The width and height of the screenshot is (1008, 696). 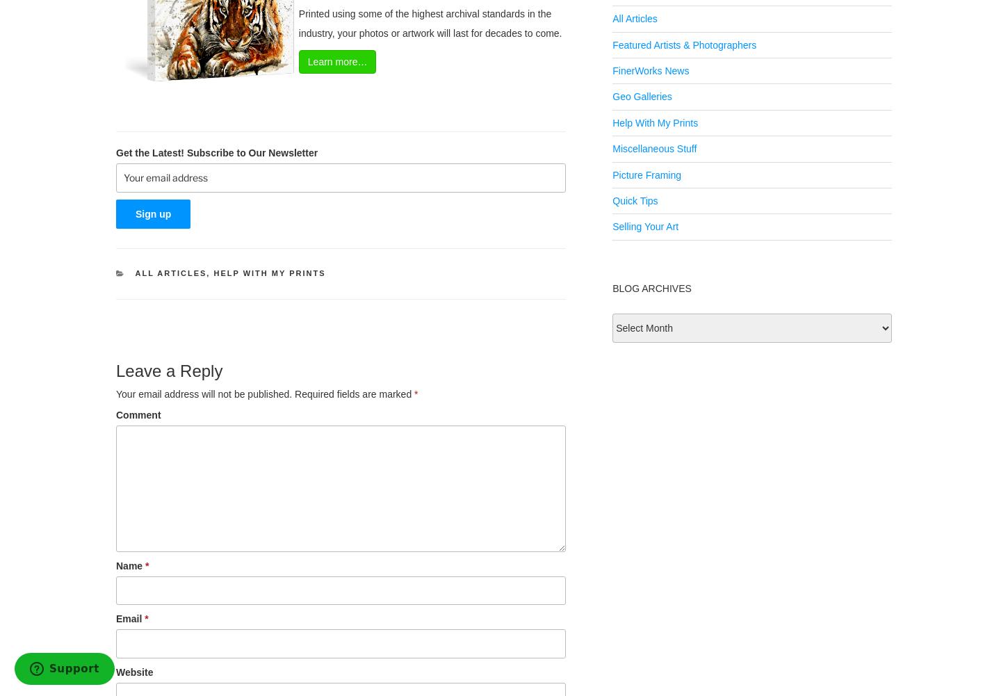 I want to click on 'Required fields are marked', so click(x=352, y=392).